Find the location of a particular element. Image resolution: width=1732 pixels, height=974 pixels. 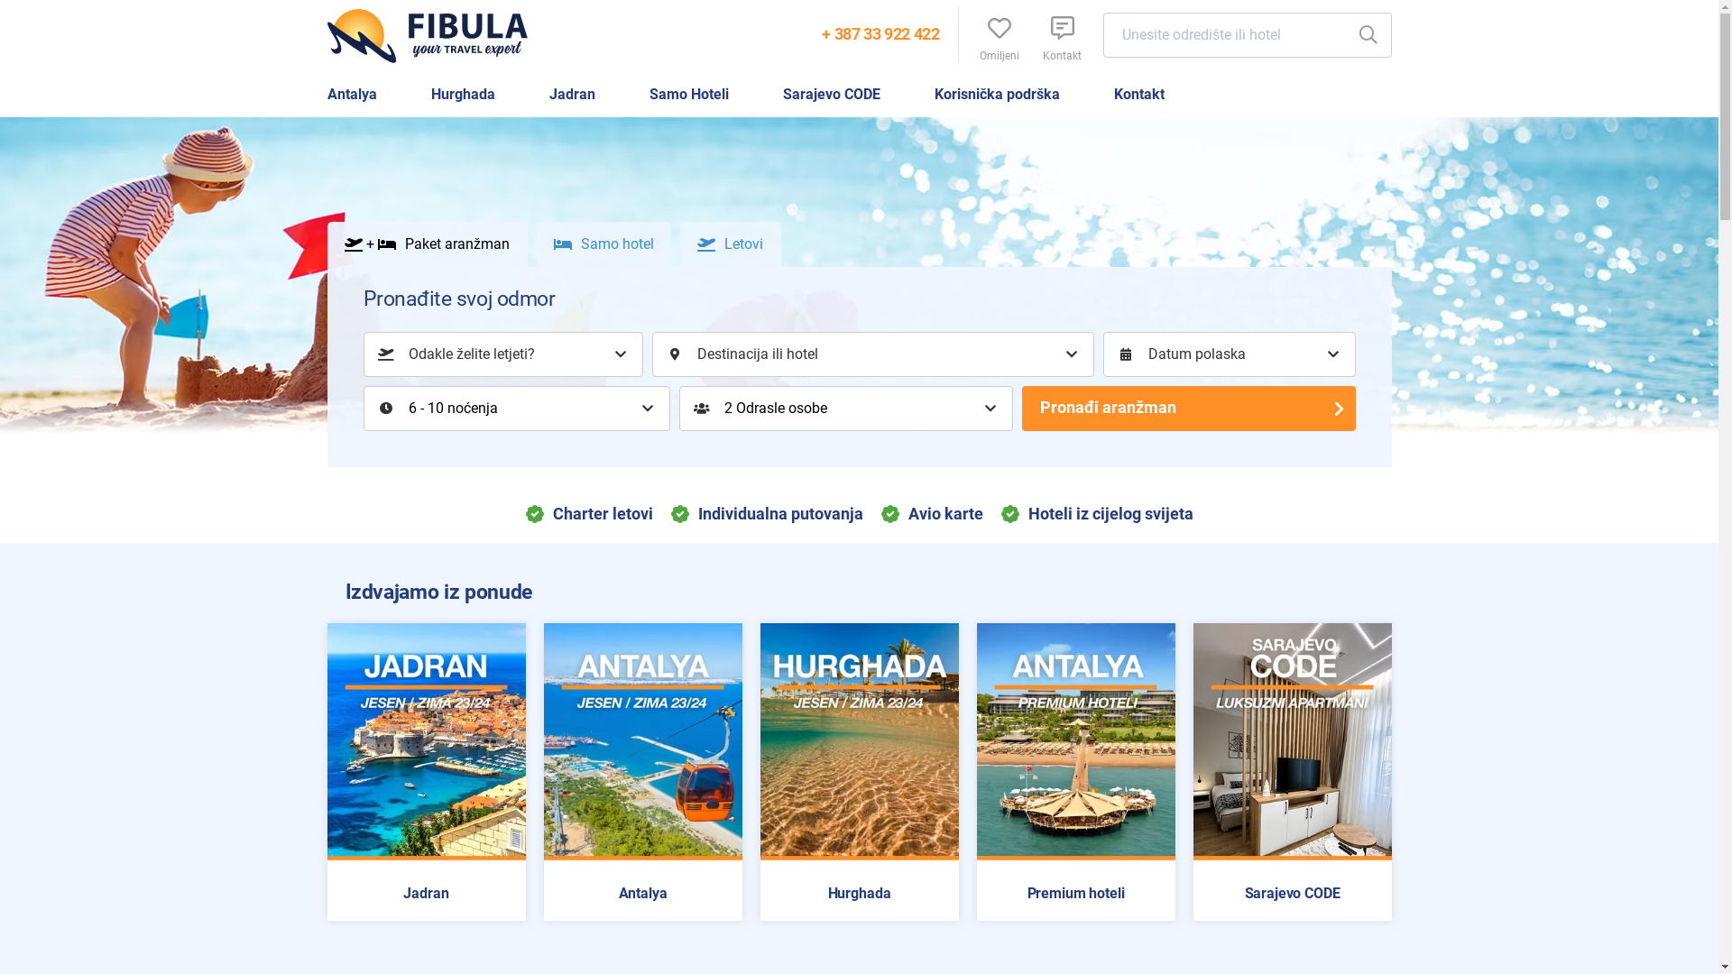

'Kontakt' is located at coordinates (1030, 35).